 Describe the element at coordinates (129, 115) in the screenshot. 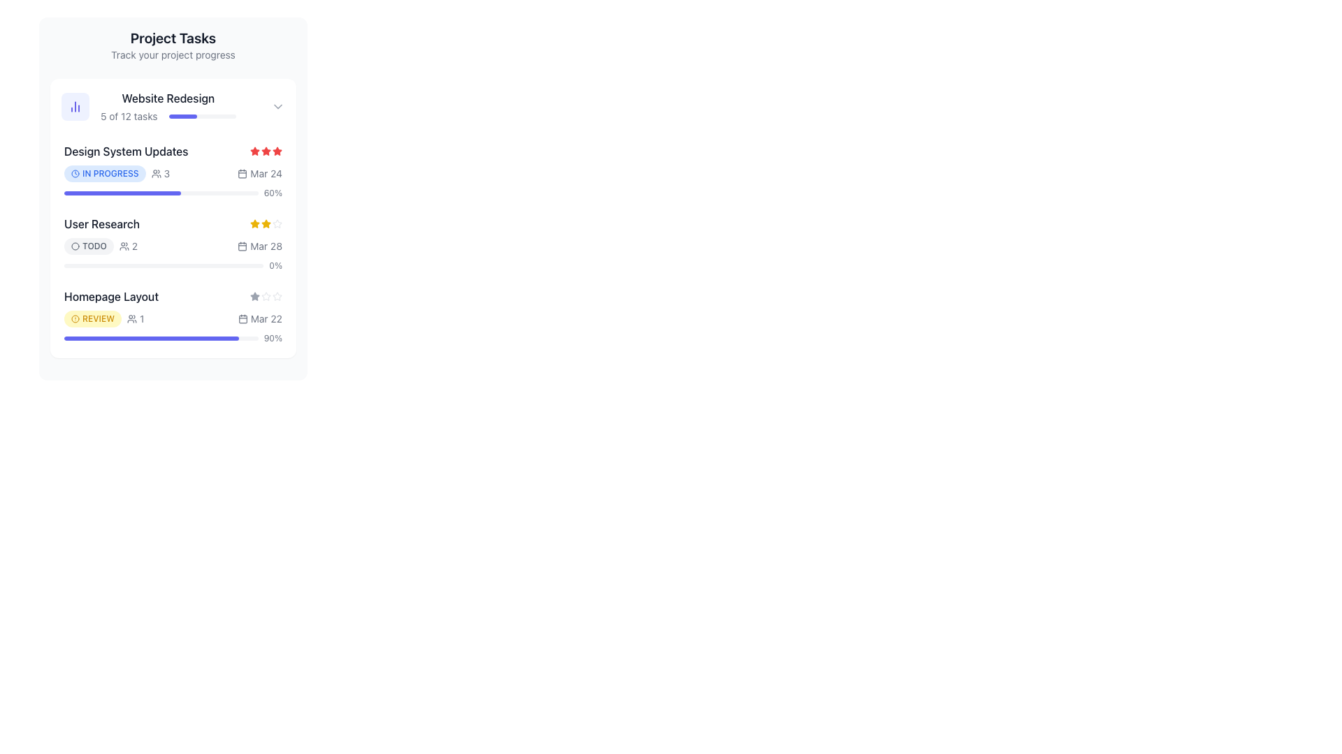

I see `the status indicator text label that shows the number of completed tasks for the 'Website Redesign' project, located beneath the project title and adjacent to the progress bar` at that location.